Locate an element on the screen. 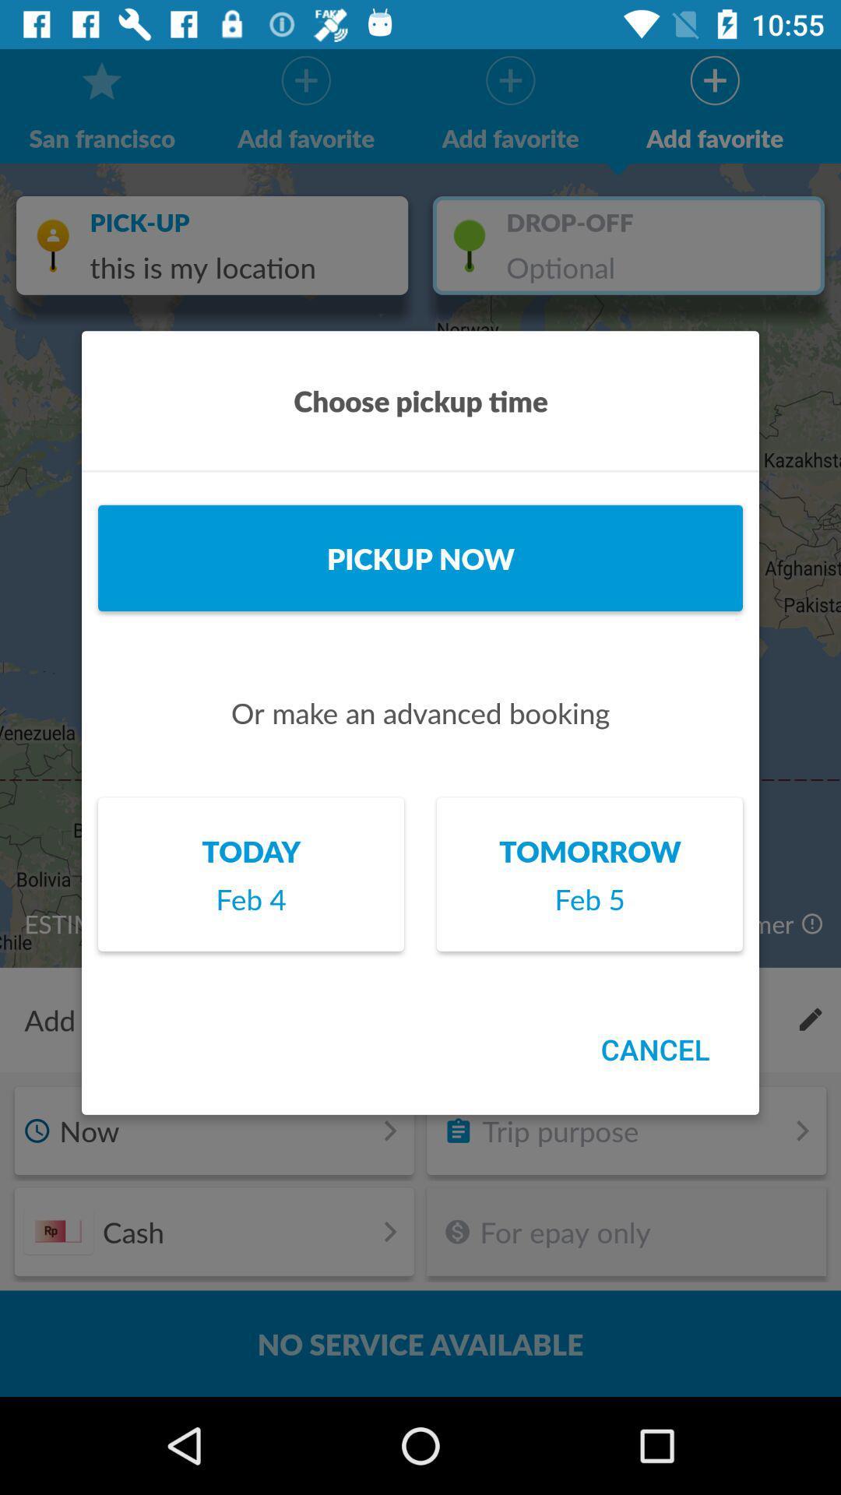 The image size is (841, 1495). icon below the feb 5 is located at coordinates (655, 1049).